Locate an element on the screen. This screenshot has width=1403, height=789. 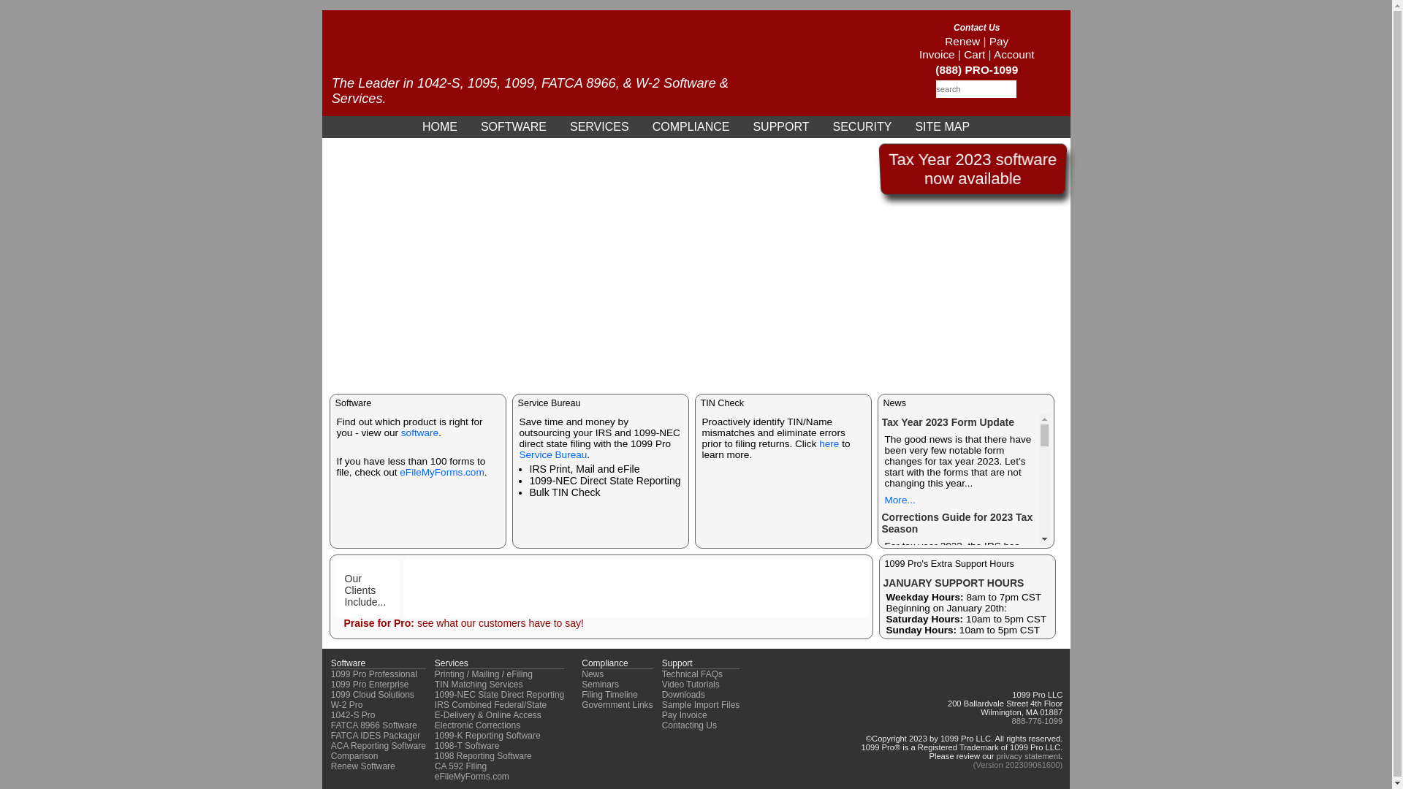
'Filing Timeline' is located at coordinates (581, 694).